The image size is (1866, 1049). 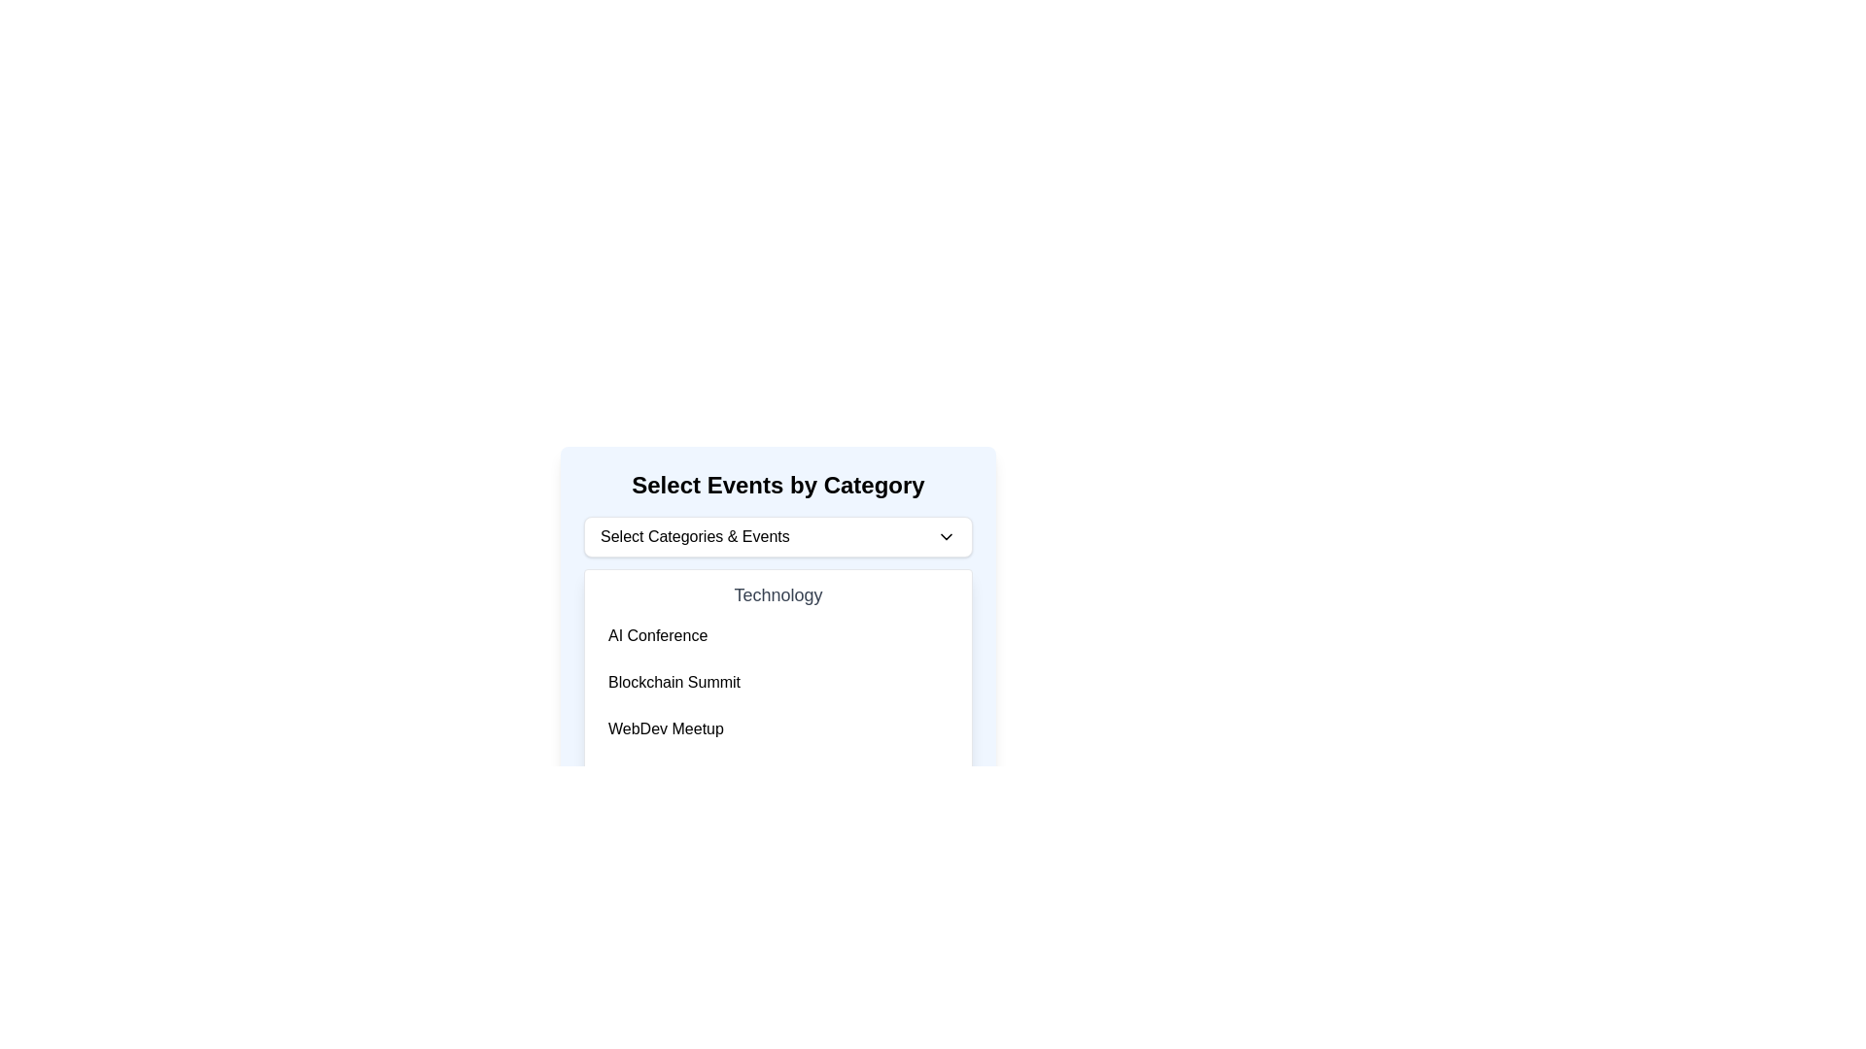 What do you see at coordinates (778, 681) in the screenshot?
I see `the list item in the 'Technology' section` at bounding box center [778, 681].